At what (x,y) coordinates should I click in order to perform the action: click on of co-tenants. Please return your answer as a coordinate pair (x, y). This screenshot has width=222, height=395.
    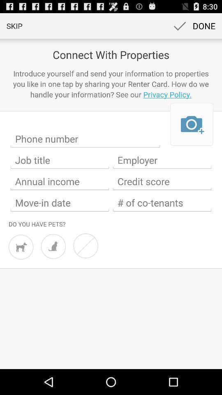
    Looking at the image, I should click on (162, 202).